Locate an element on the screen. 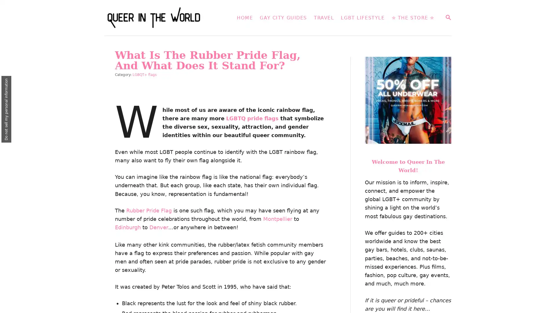 The height and width of the screenshot is (313, 556). Do not sell my personal information is located at coordinates (6, 109).